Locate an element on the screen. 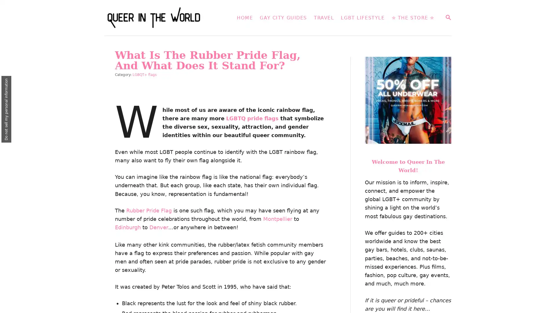 The height and width of the screenshot is (313, 556). Do not sell my personal information is located at coordinates (6, 109).